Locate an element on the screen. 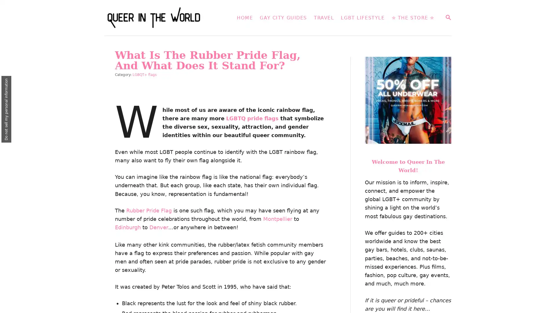 The height and width of the screenshot is (313, 556). Do not sell my personal information is located at coordinates (6, 109).